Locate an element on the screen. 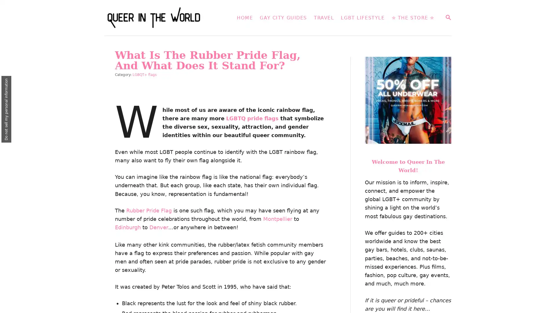 The height and width of the screenshot is (313, 556). Do not sell my personal information is located at coordinates (6, 109).